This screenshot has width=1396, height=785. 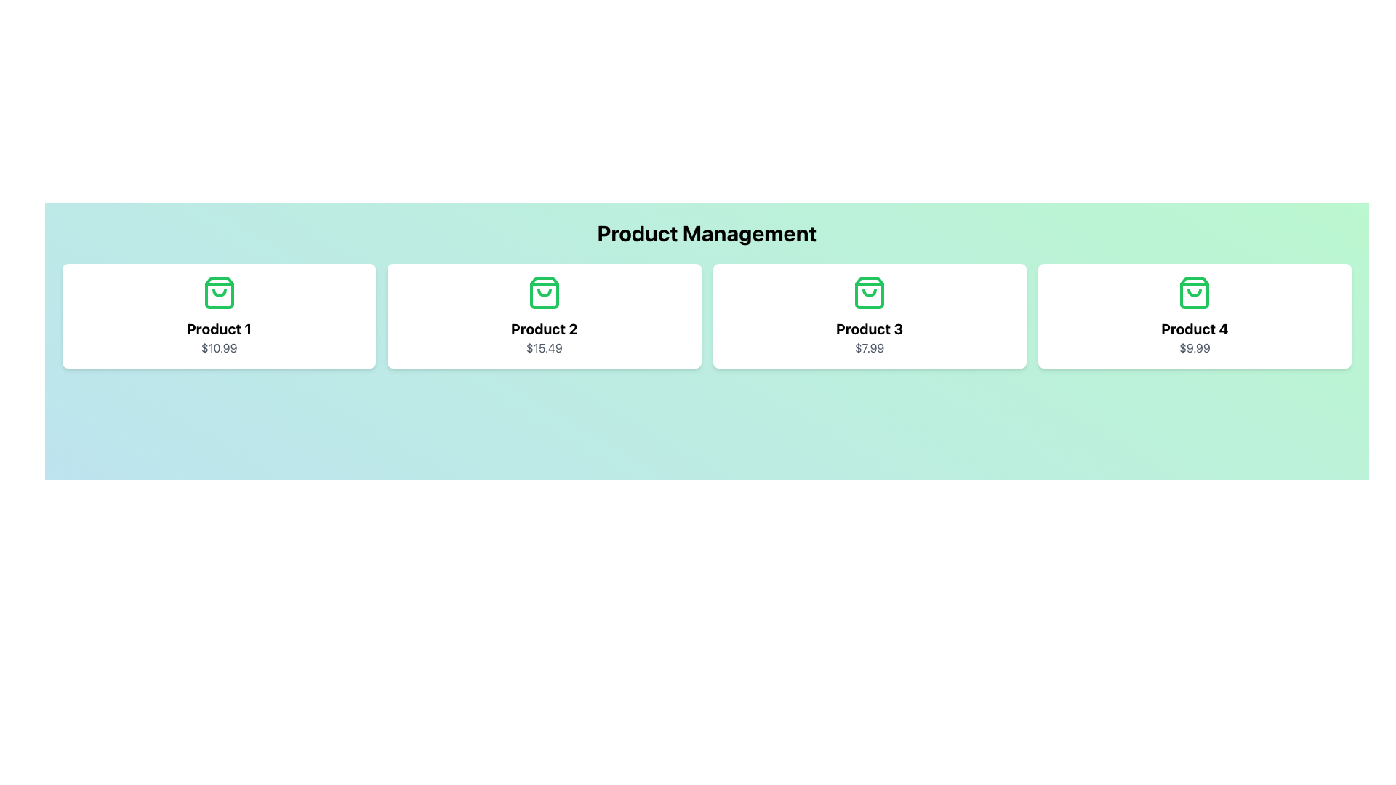 What do you see at coordinates (218, 315) in the screenshot?
I see `the first selectable product card in the grid layout` at bounding box center [218, 315].